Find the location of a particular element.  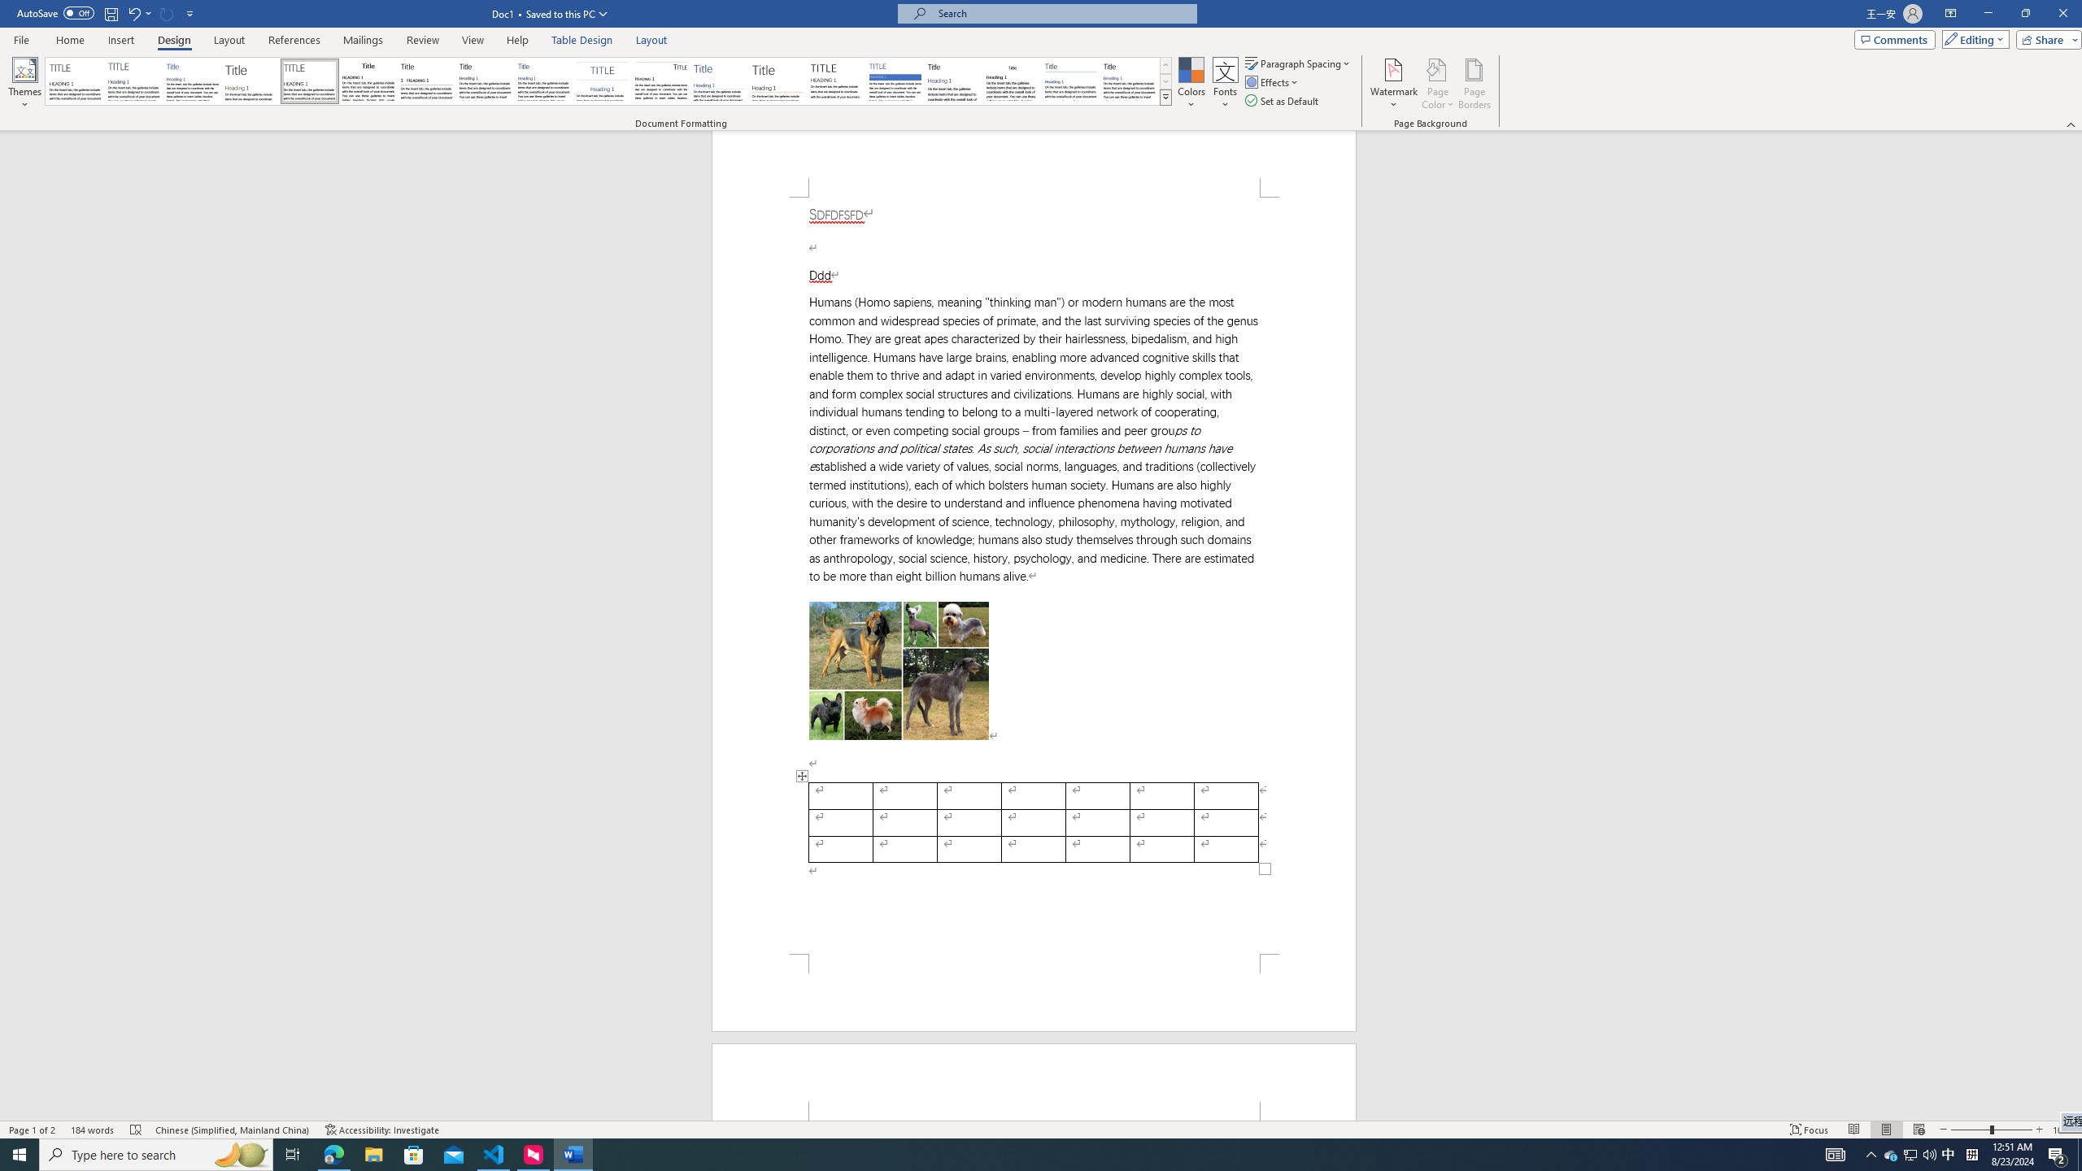

'Undo Apply Quick Style Set' is located at coordinates (133, 12).